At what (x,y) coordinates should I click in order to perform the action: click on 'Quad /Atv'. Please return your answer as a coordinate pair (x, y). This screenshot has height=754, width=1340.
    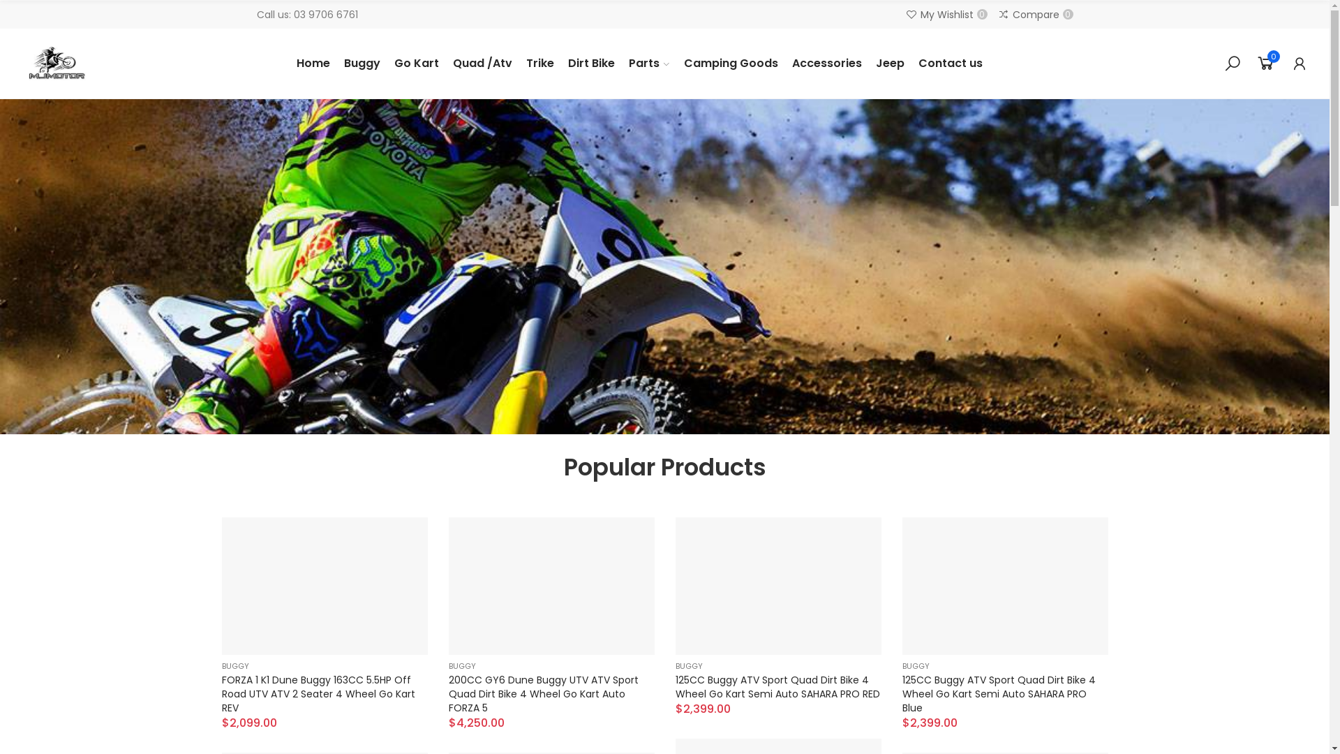
    Looking at the image, I should click on (482, 64).